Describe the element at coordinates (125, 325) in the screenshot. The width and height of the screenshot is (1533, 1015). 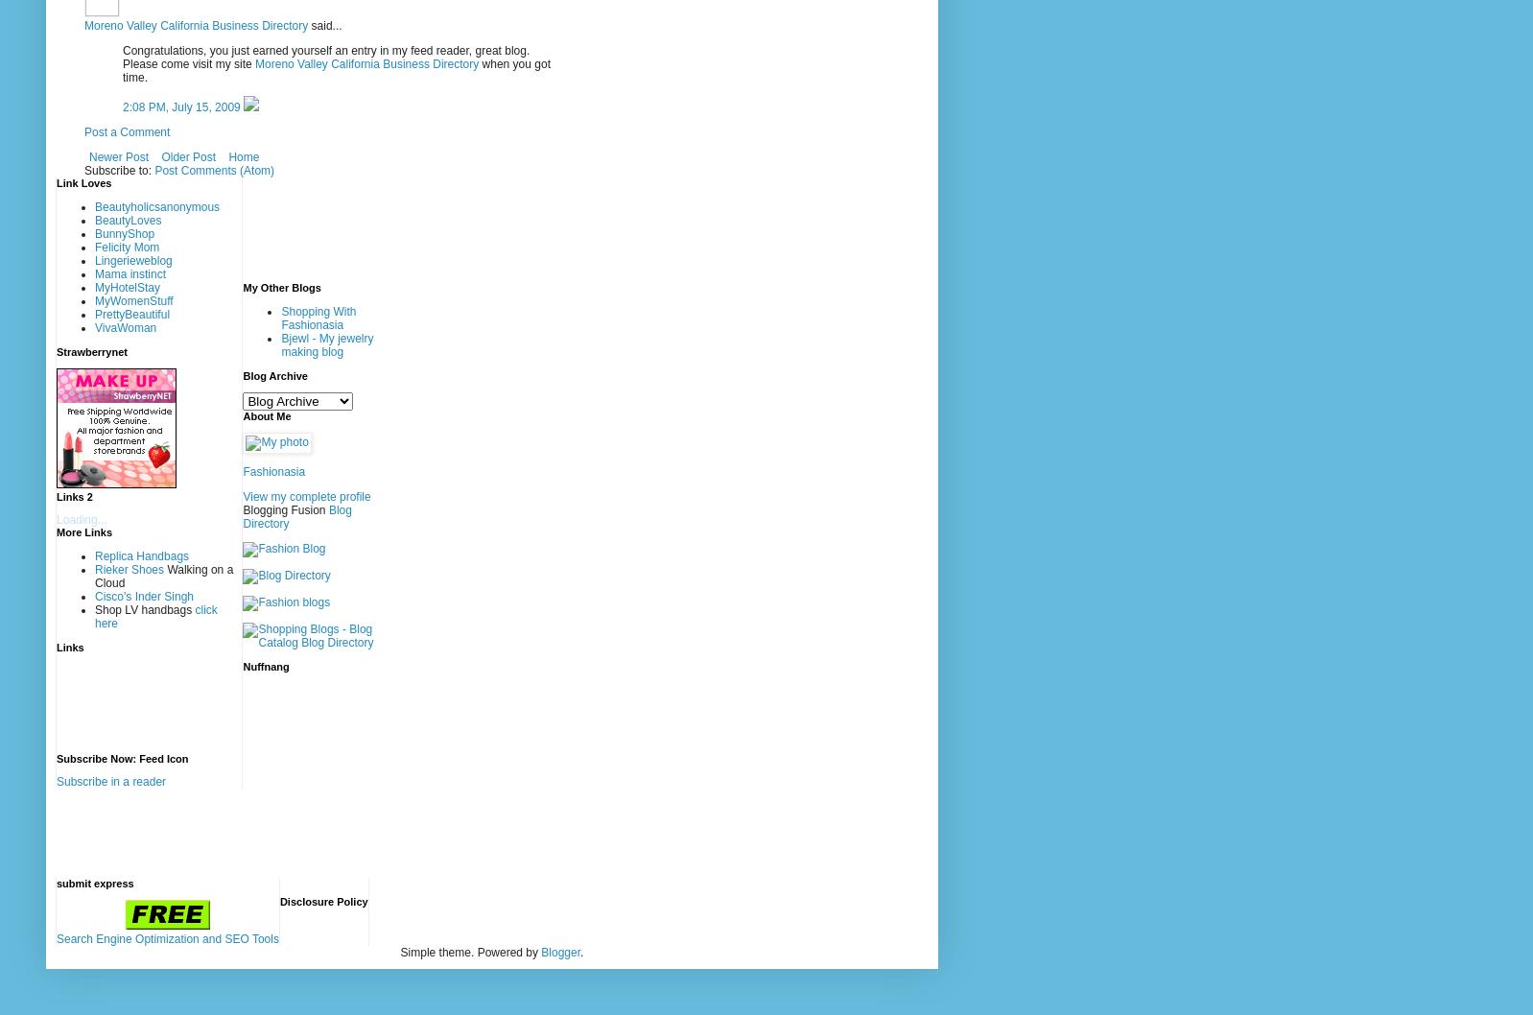
I see `'VivaWoman'` at that location.